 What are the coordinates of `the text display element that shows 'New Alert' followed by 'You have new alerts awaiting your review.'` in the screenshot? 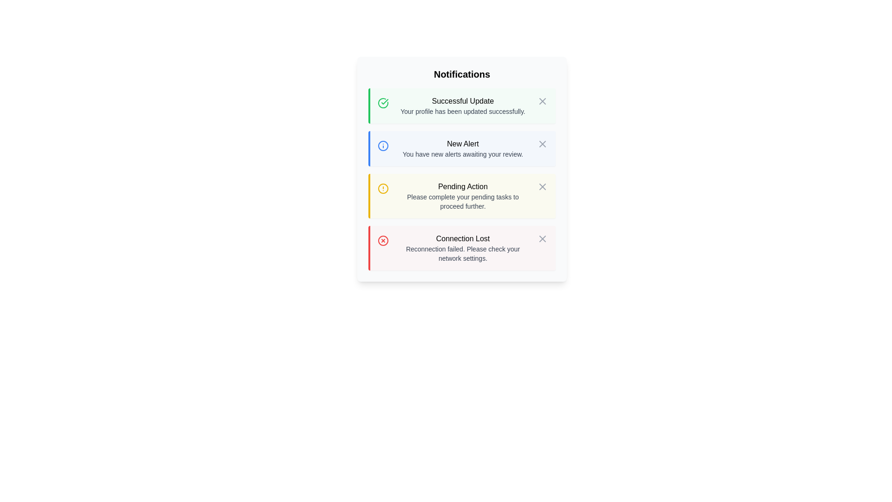 It's located at (463, 148).